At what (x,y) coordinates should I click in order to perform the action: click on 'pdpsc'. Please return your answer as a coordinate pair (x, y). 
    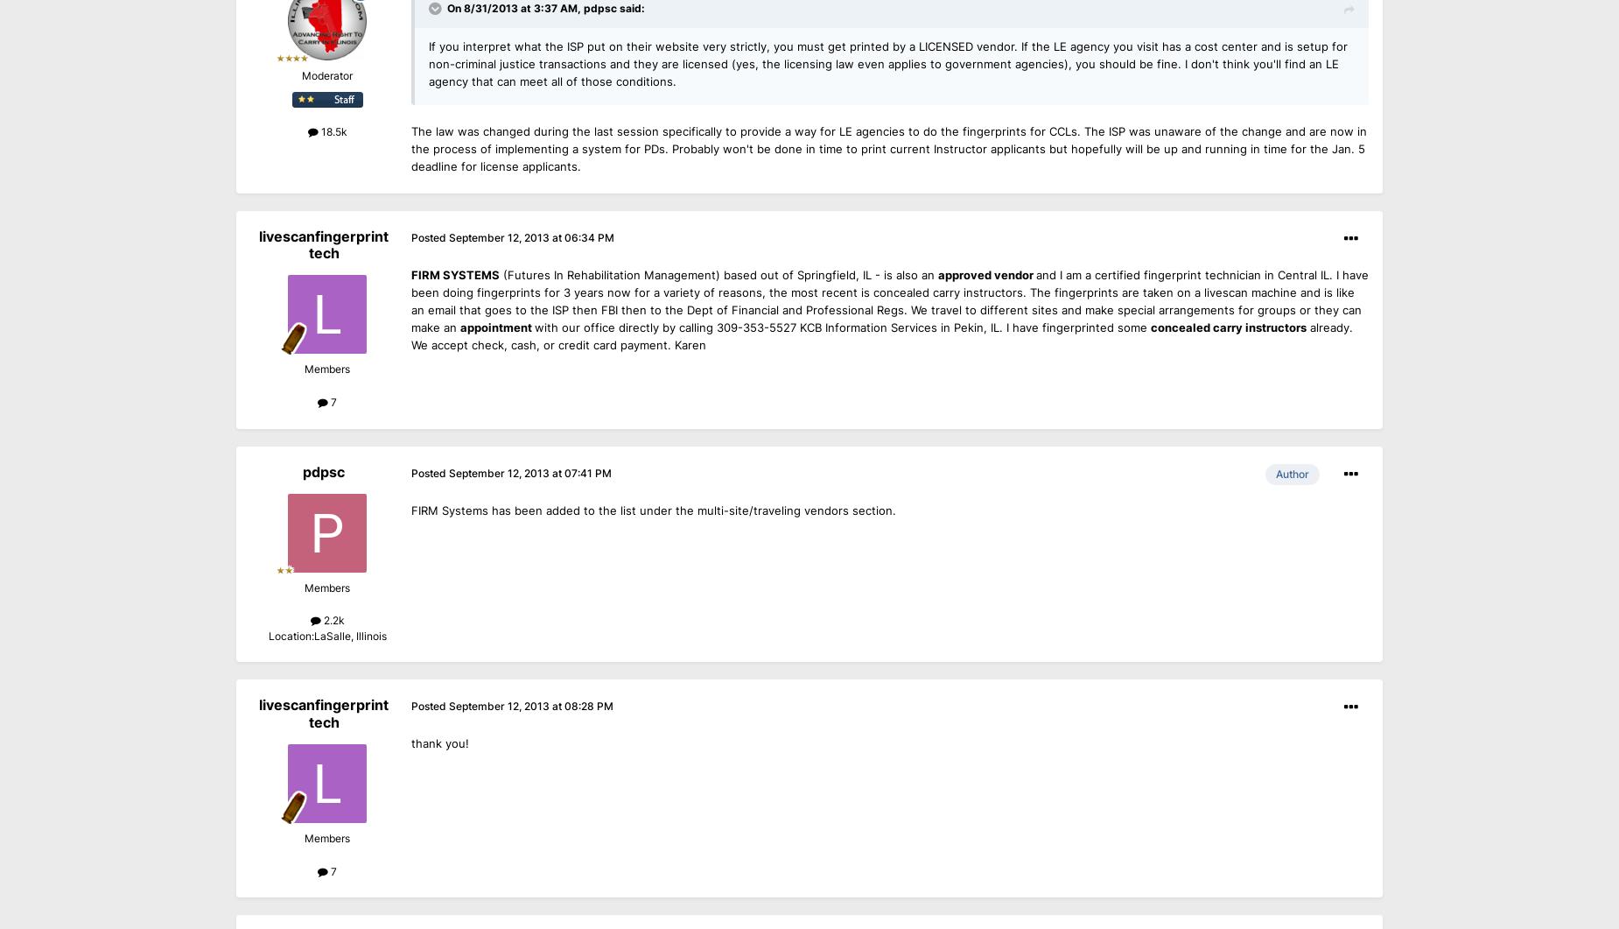
    Looking at the image, I should click on (323, 470).